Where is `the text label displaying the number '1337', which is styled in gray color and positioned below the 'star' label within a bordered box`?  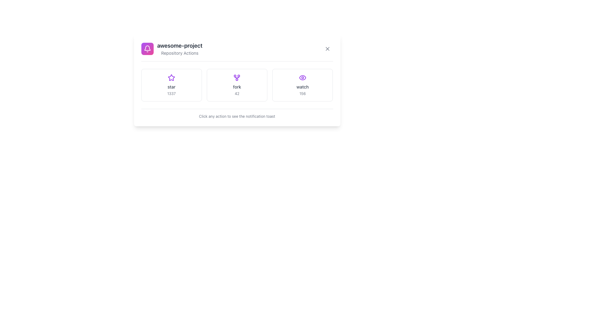 the text label displaying the number '1337', which is styled in gray color and positioned below the 'star' label within a bordered box is located at coordinates (171, 93).